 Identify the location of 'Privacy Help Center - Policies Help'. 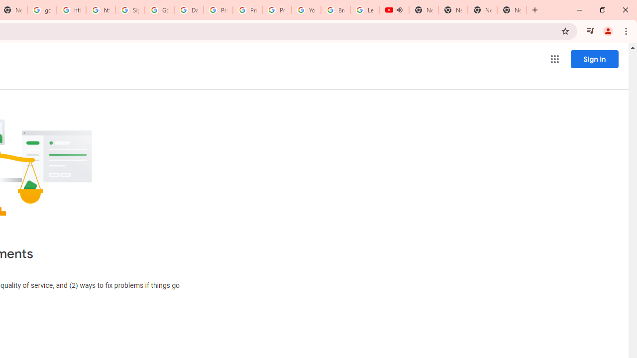
(217, 10).